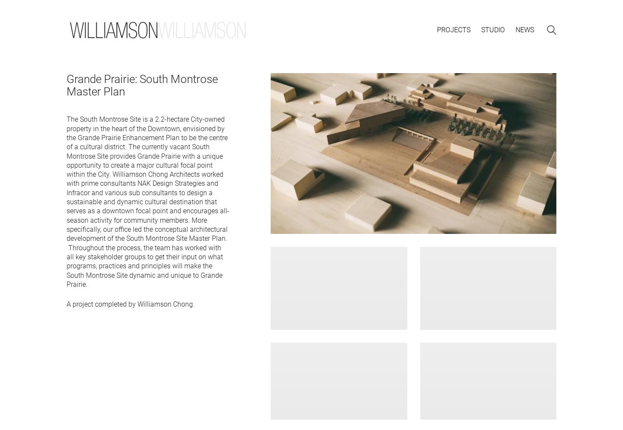 The height and width of the screenshot is (430, 623). What do you see at coordinates (477, 29) in the screenshot?
I see `'a'` at bounding box center [477, 29].